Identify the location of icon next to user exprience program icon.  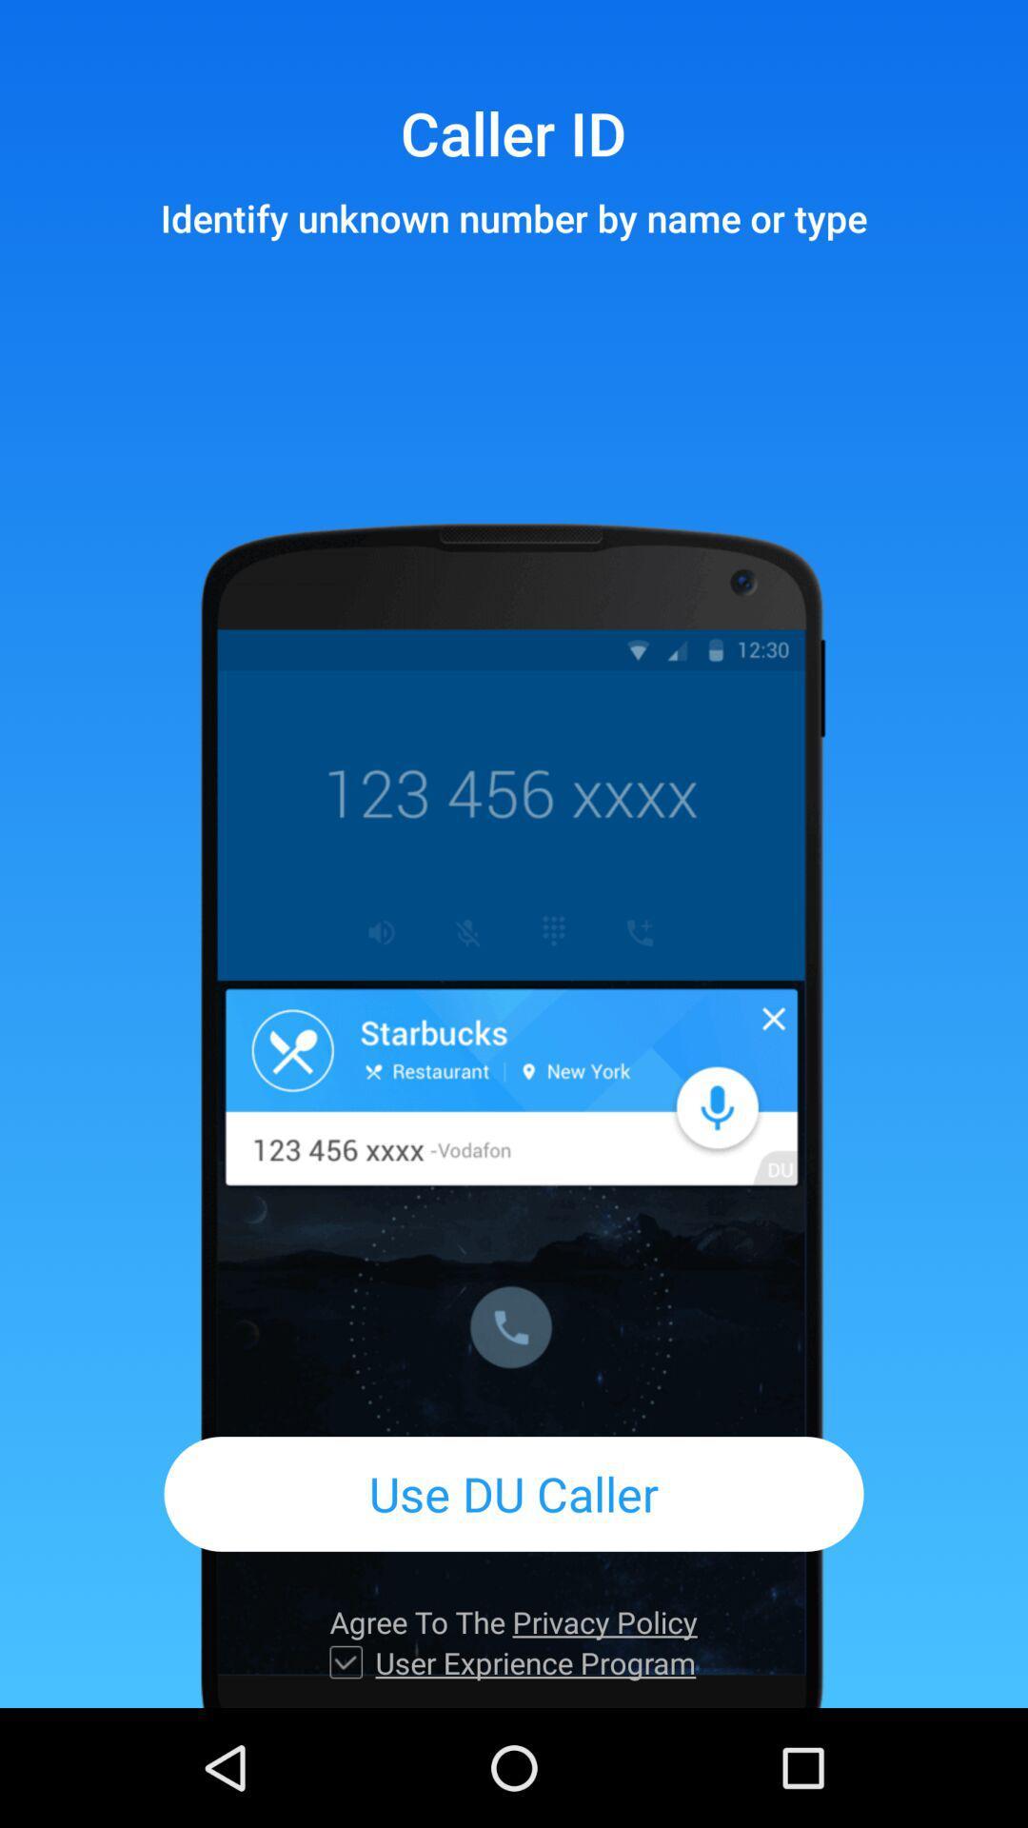
(346, 1661).